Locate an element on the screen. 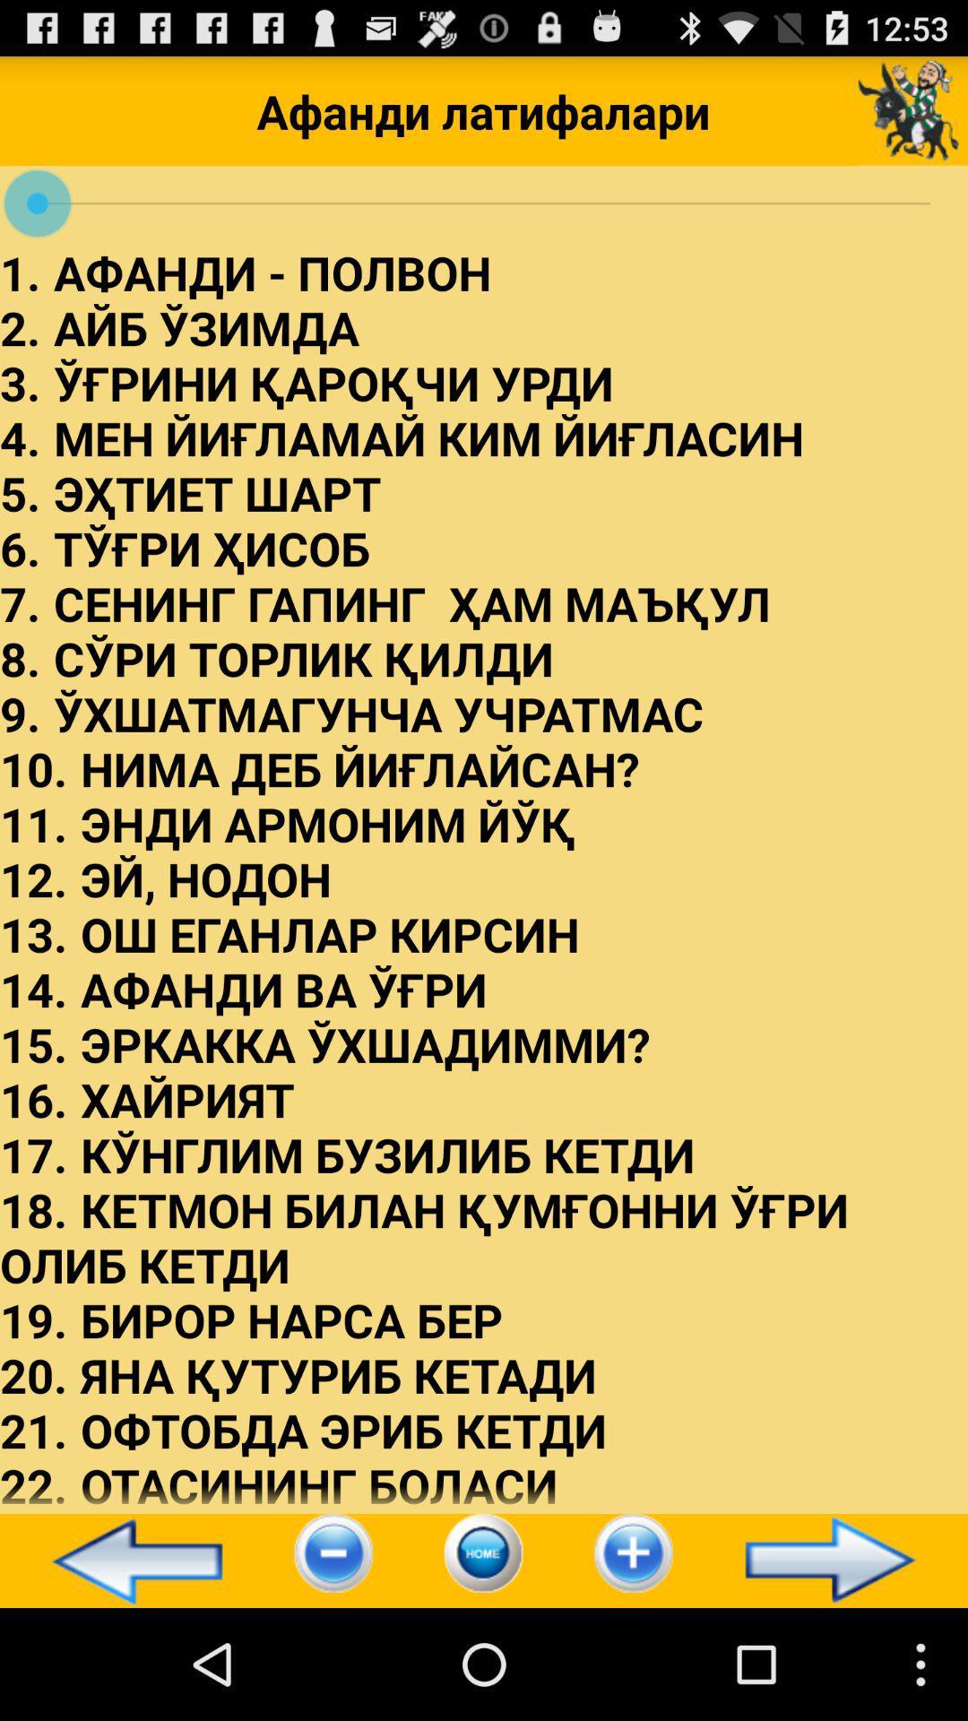 The width and height of the screenshot is (968, 1721). the icon at the bottom left corner is located at coordinates (128, 1560).